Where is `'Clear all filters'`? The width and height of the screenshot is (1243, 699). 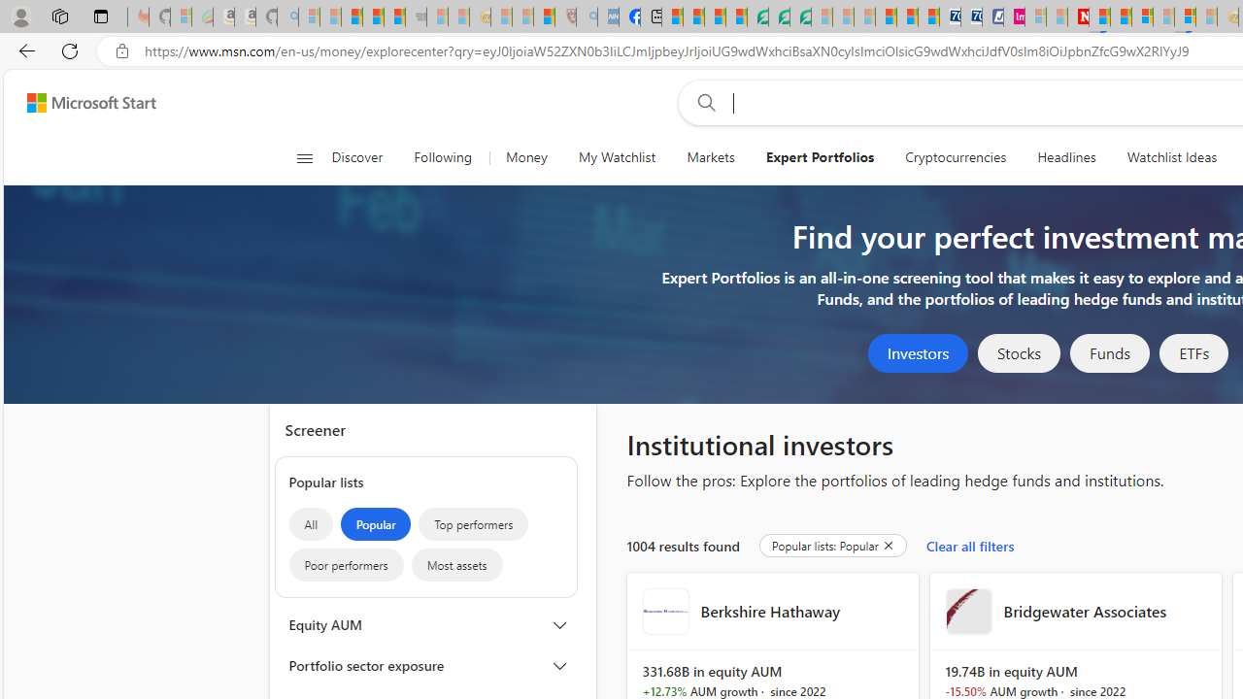
'Clear all filters' is located at coordinates (970, 545).